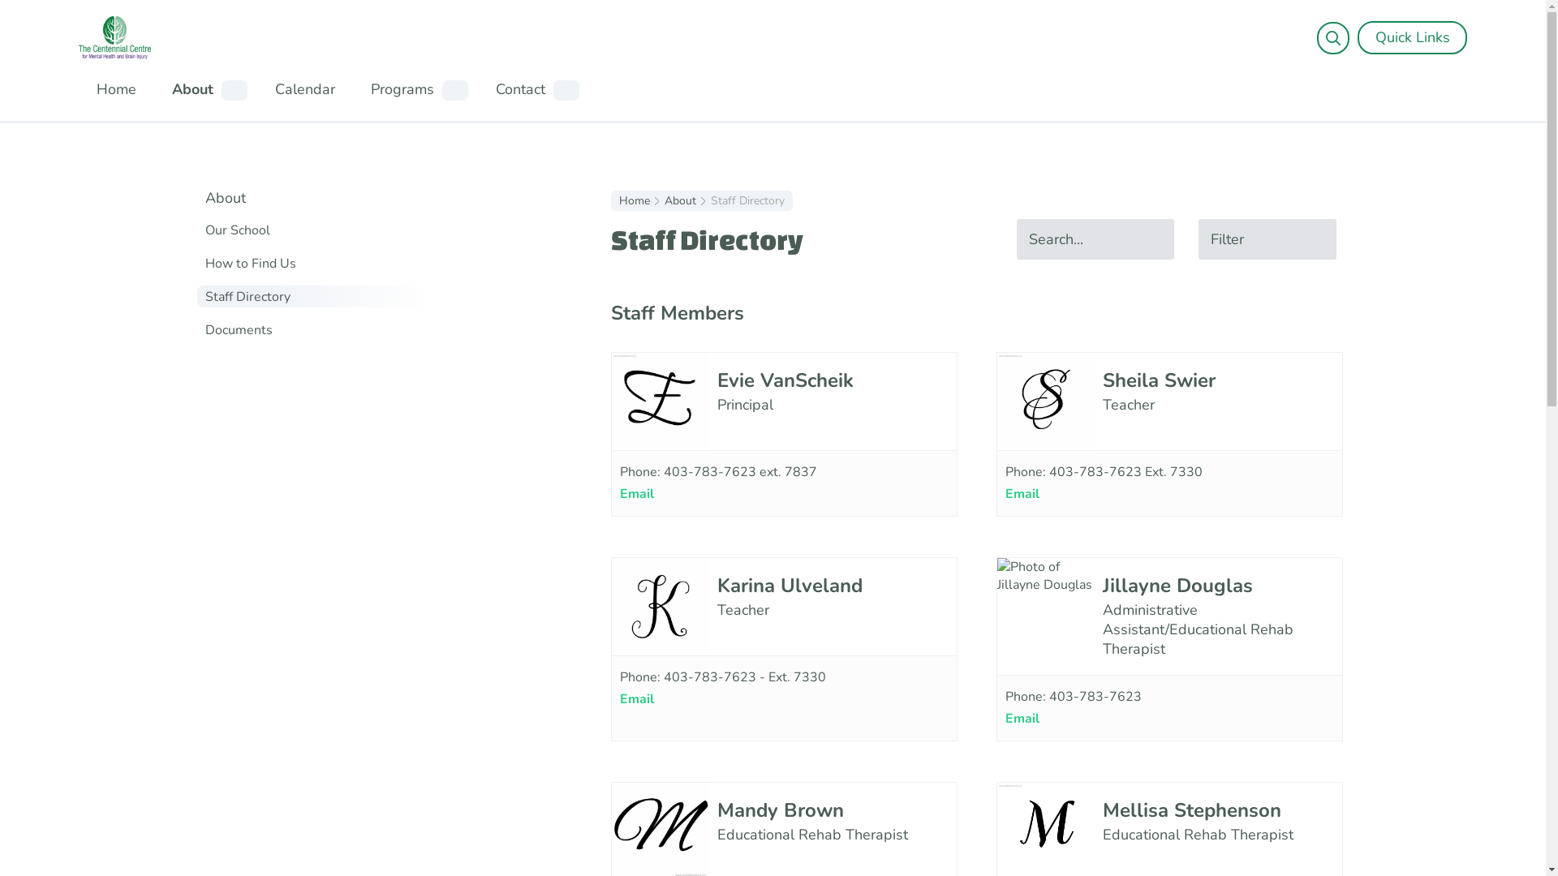 This screenshot has width=1558, height=876. What do you see at coordinates (1411, 36) in the screenshot?
I see `'Quick Links'` at bounding box center [1411, 36].